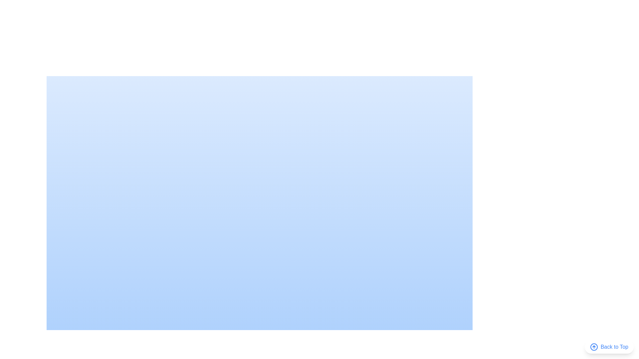 The width and height of the screenshot is (639, 359). I want to click on the static label located to the right of the arrow icon in the navigation button at the bottom-right corner of the interface, which is used to scroll back to the top of the page, so click(614, 347).